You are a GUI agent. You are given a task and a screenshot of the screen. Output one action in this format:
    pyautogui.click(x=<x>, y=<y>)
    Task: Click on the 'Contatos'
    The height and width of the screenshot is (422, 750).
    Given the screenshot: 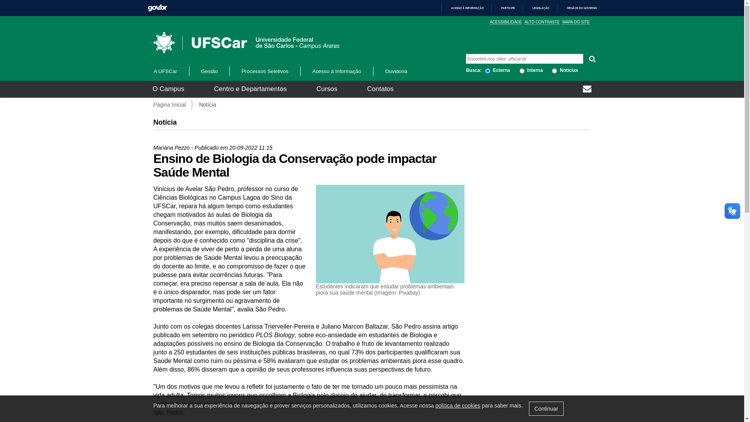 What is the action you would take?
    pyautogui.click(x=380, y=88)
    